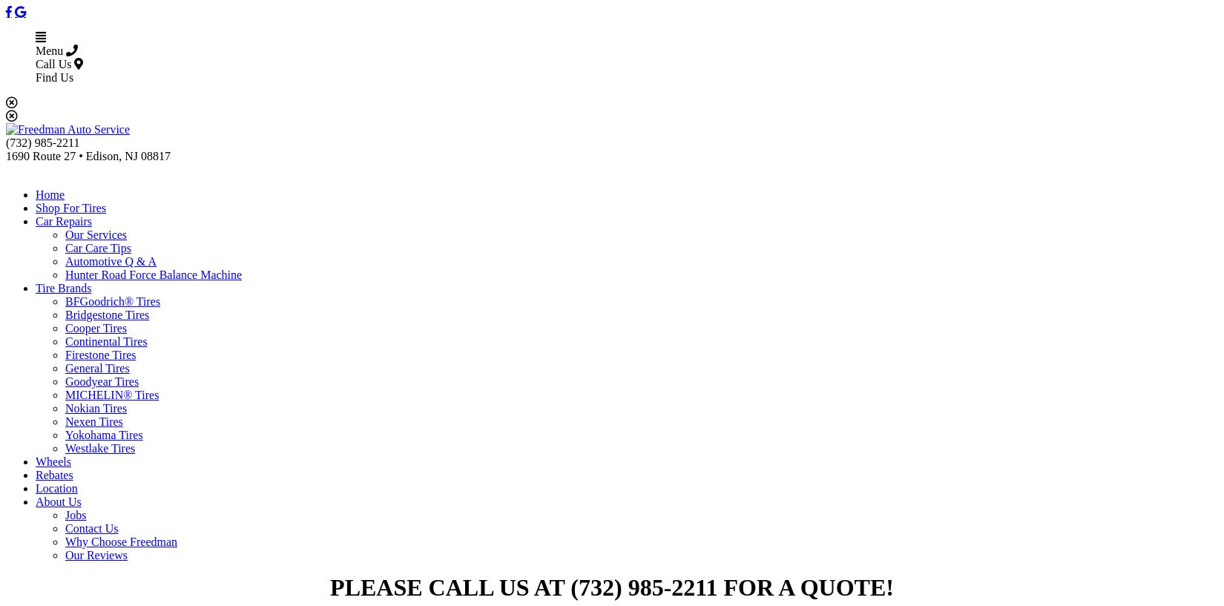 The width and height of the screenshot is (1224, 606). Describe the element at coordinates (100, 355) in the screenshot. I see `'Firestone Tires'` at that location.